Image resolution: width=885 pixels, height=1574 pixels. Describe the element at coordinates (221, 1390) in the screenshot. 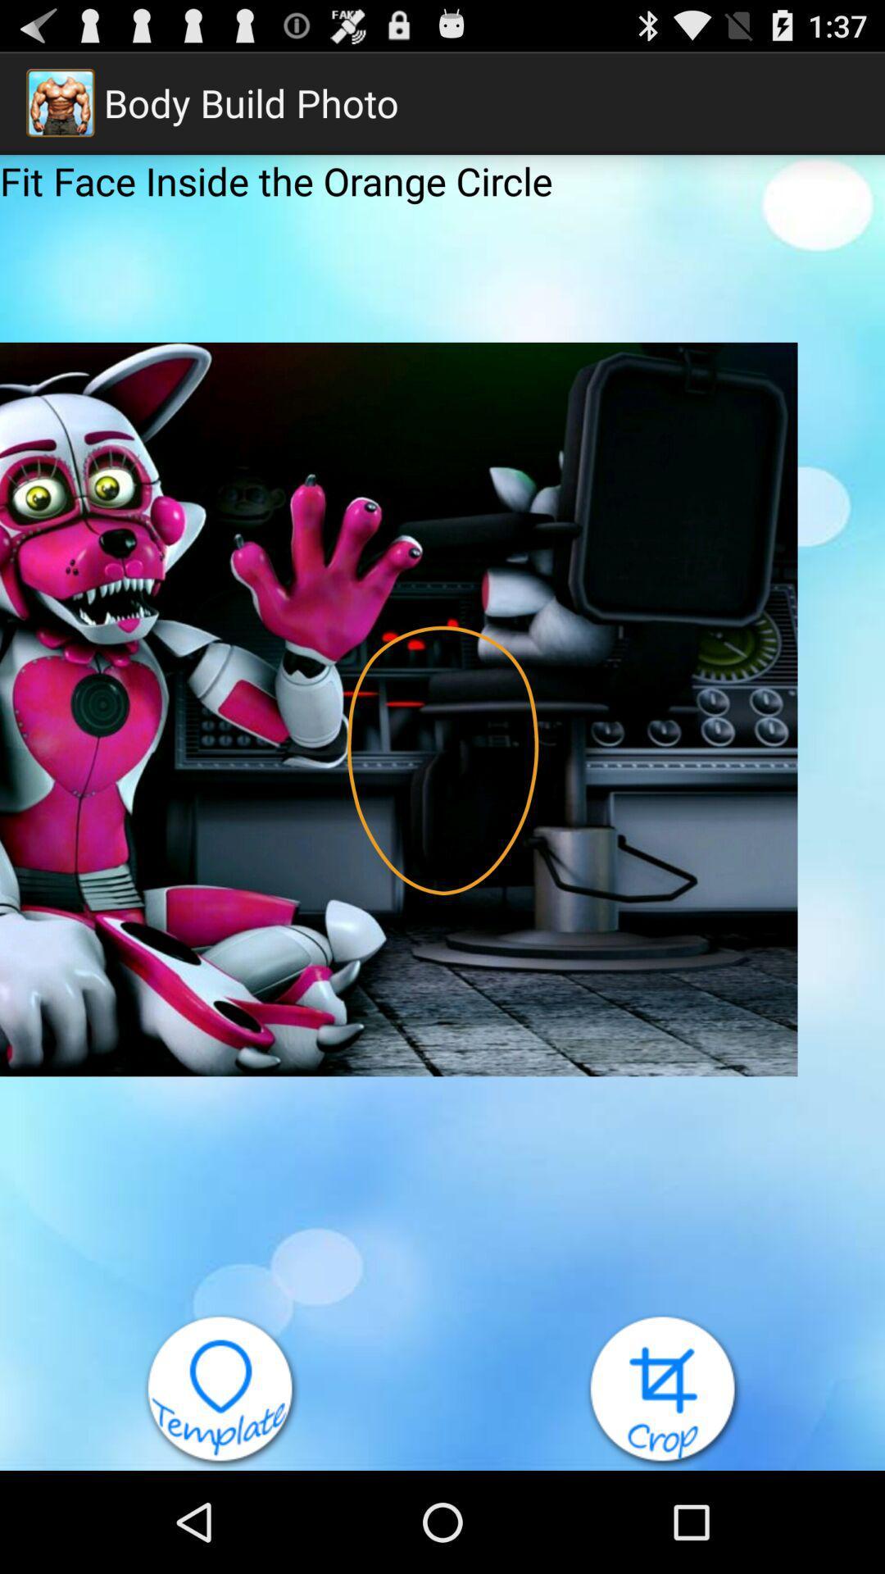

I see `the item at the bottom left corner` at that location.